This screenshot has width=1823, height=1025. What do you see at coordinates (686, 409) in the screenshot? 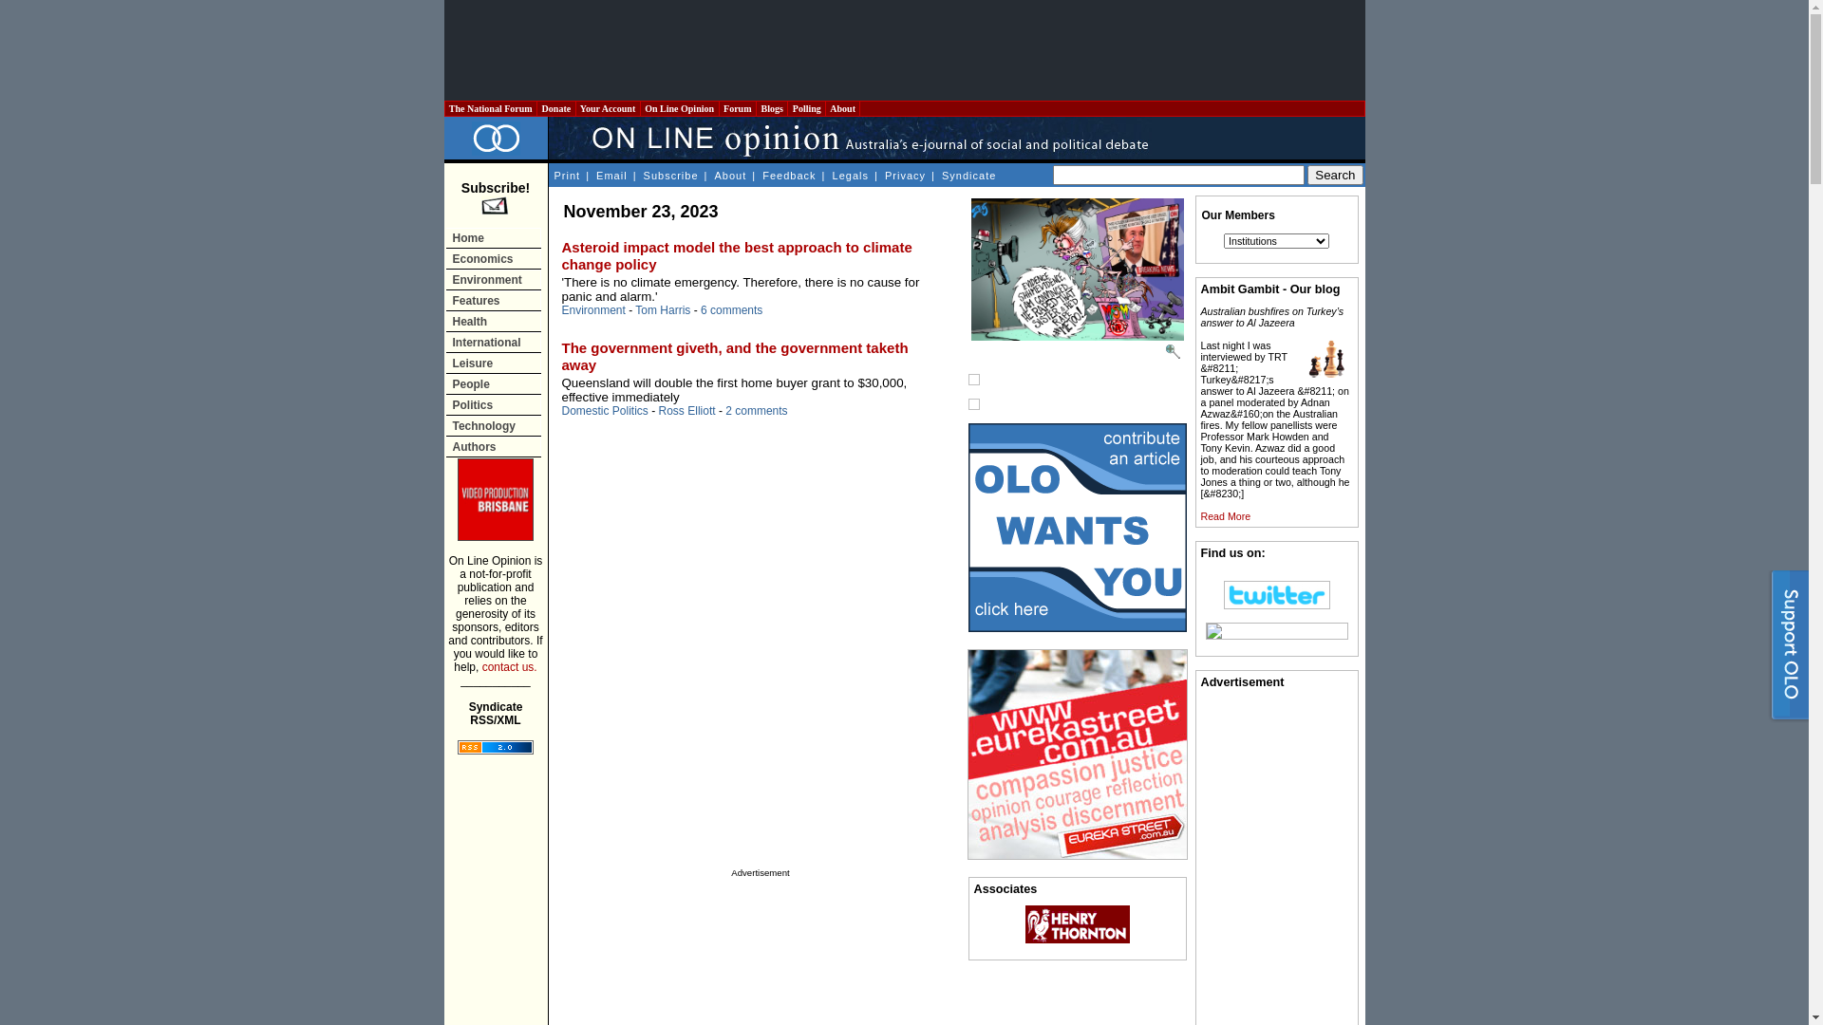
I see `'Ross Elliott'` at bounding box center [686, 409].